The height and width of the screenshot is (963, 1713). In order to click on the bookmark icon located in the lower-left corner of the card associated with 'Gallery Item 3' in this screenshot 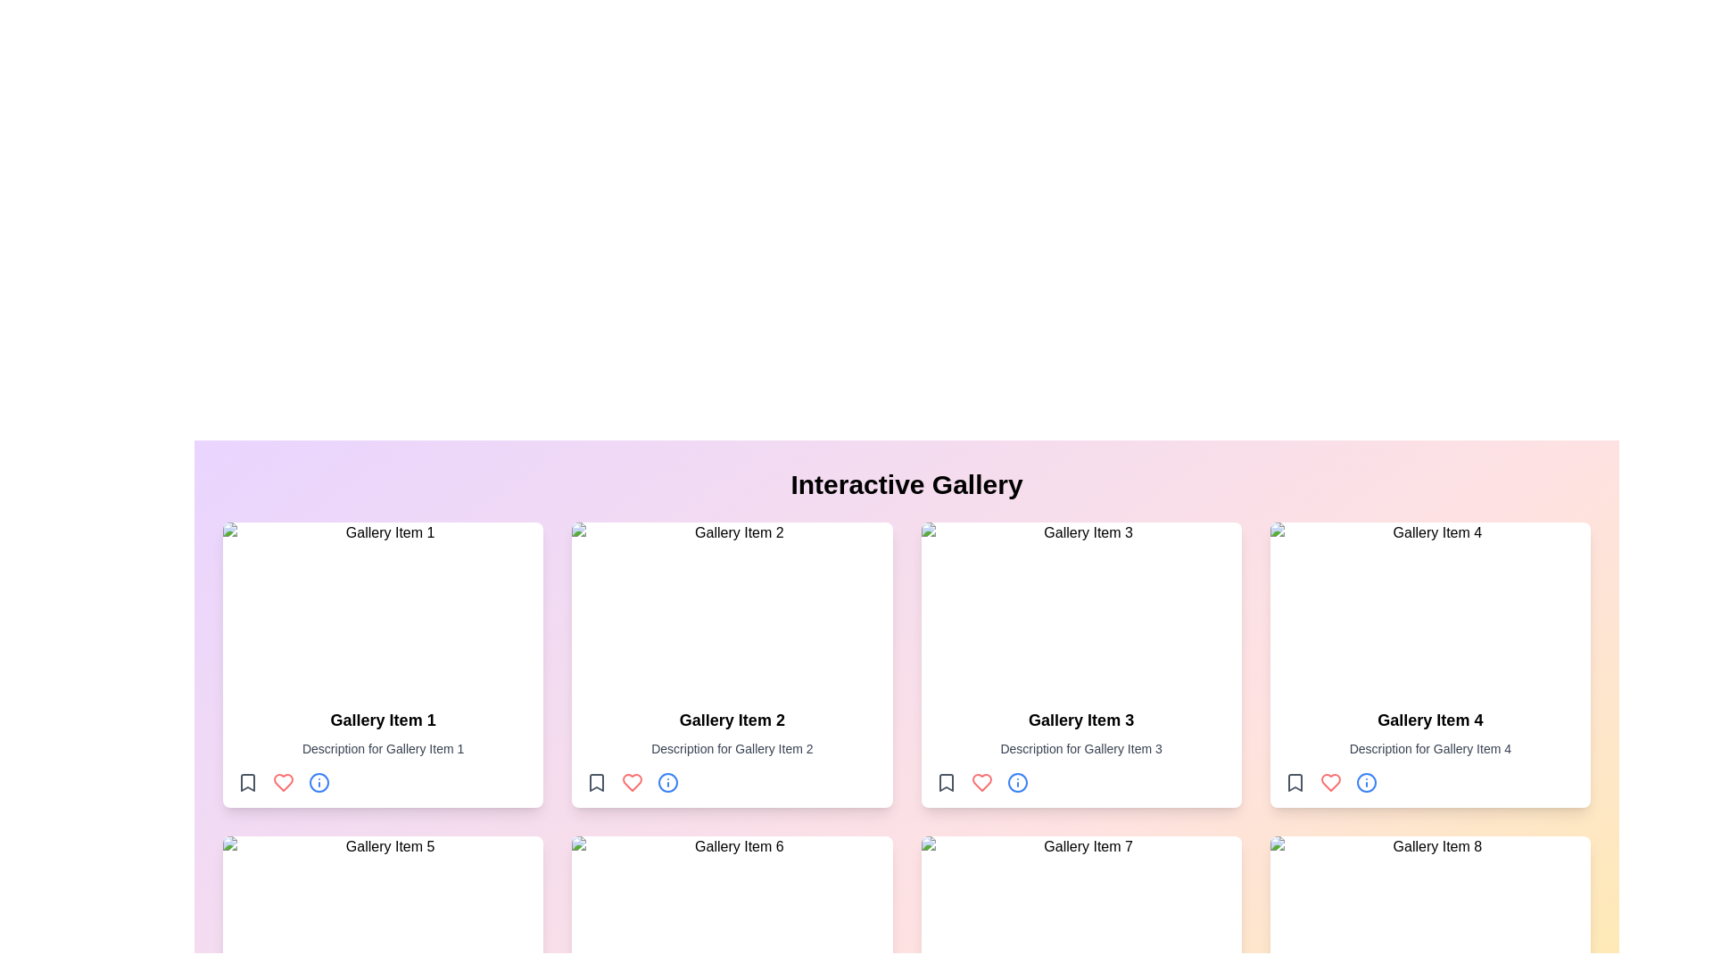, I will do `click(945, 782)`.